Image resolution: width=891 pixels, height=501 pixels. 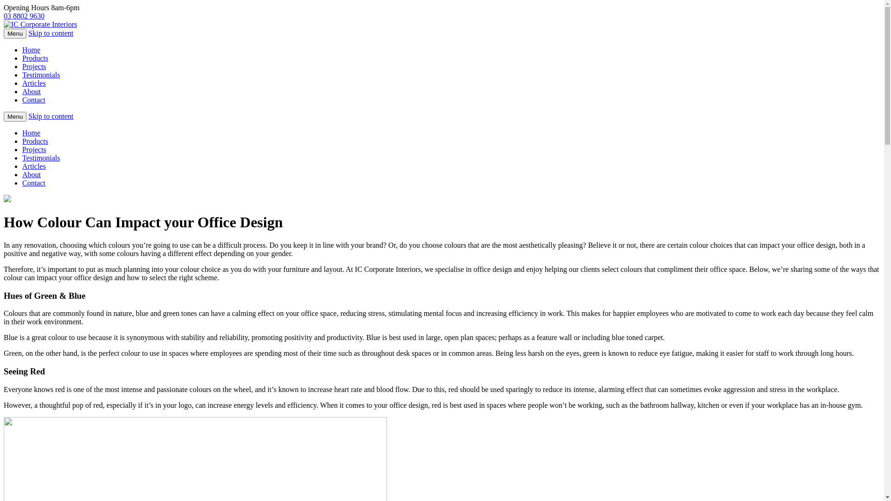 What do you see at coordinates (31, 174) in the screenshot?
I see `'About'` at bounding box center [31, 174].